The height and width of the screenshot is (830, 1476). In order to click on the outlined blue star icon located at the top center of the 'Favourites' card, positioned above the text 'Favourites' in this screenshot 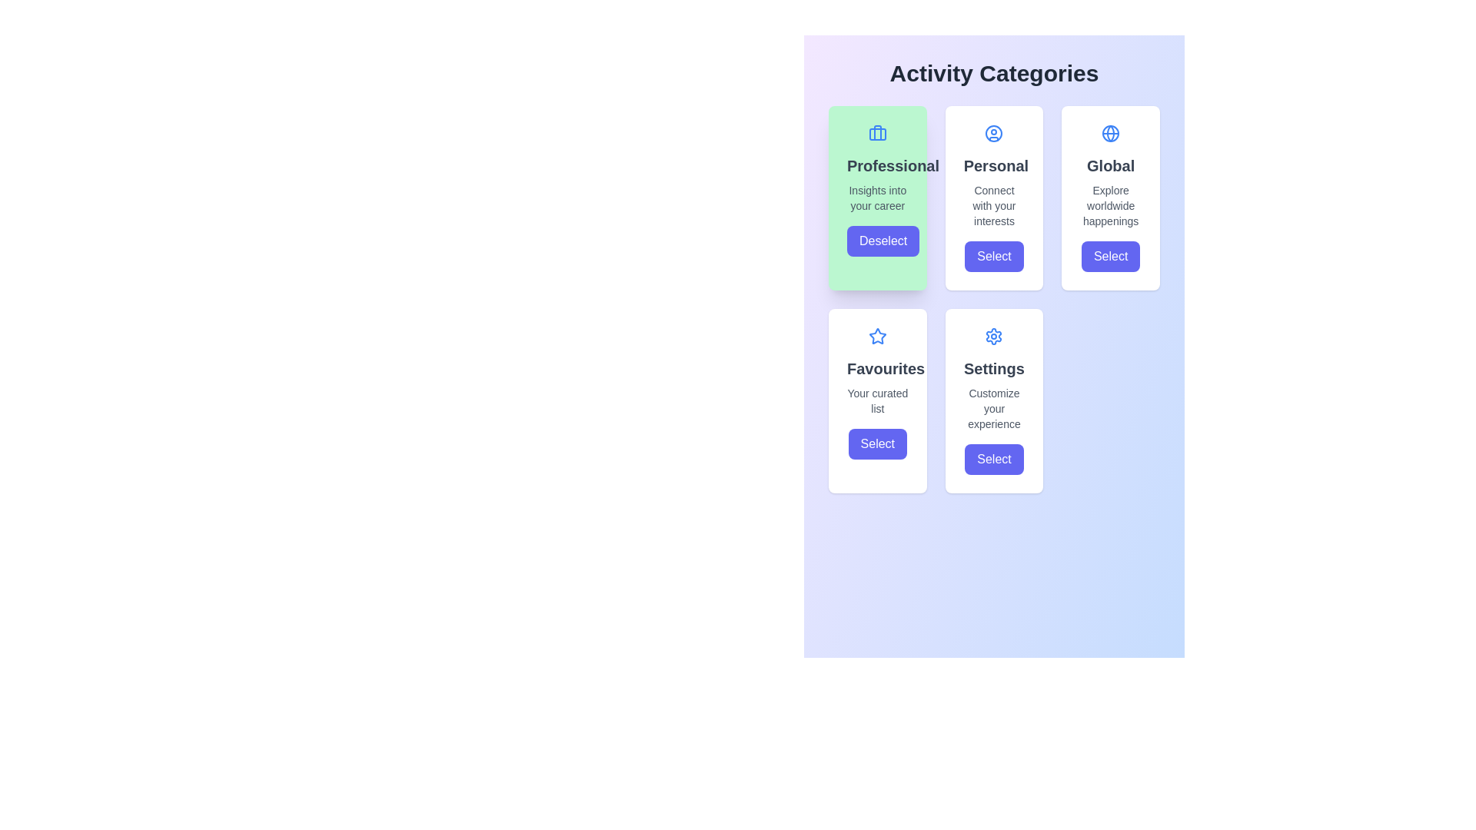, I will do `click(877, 336)`.